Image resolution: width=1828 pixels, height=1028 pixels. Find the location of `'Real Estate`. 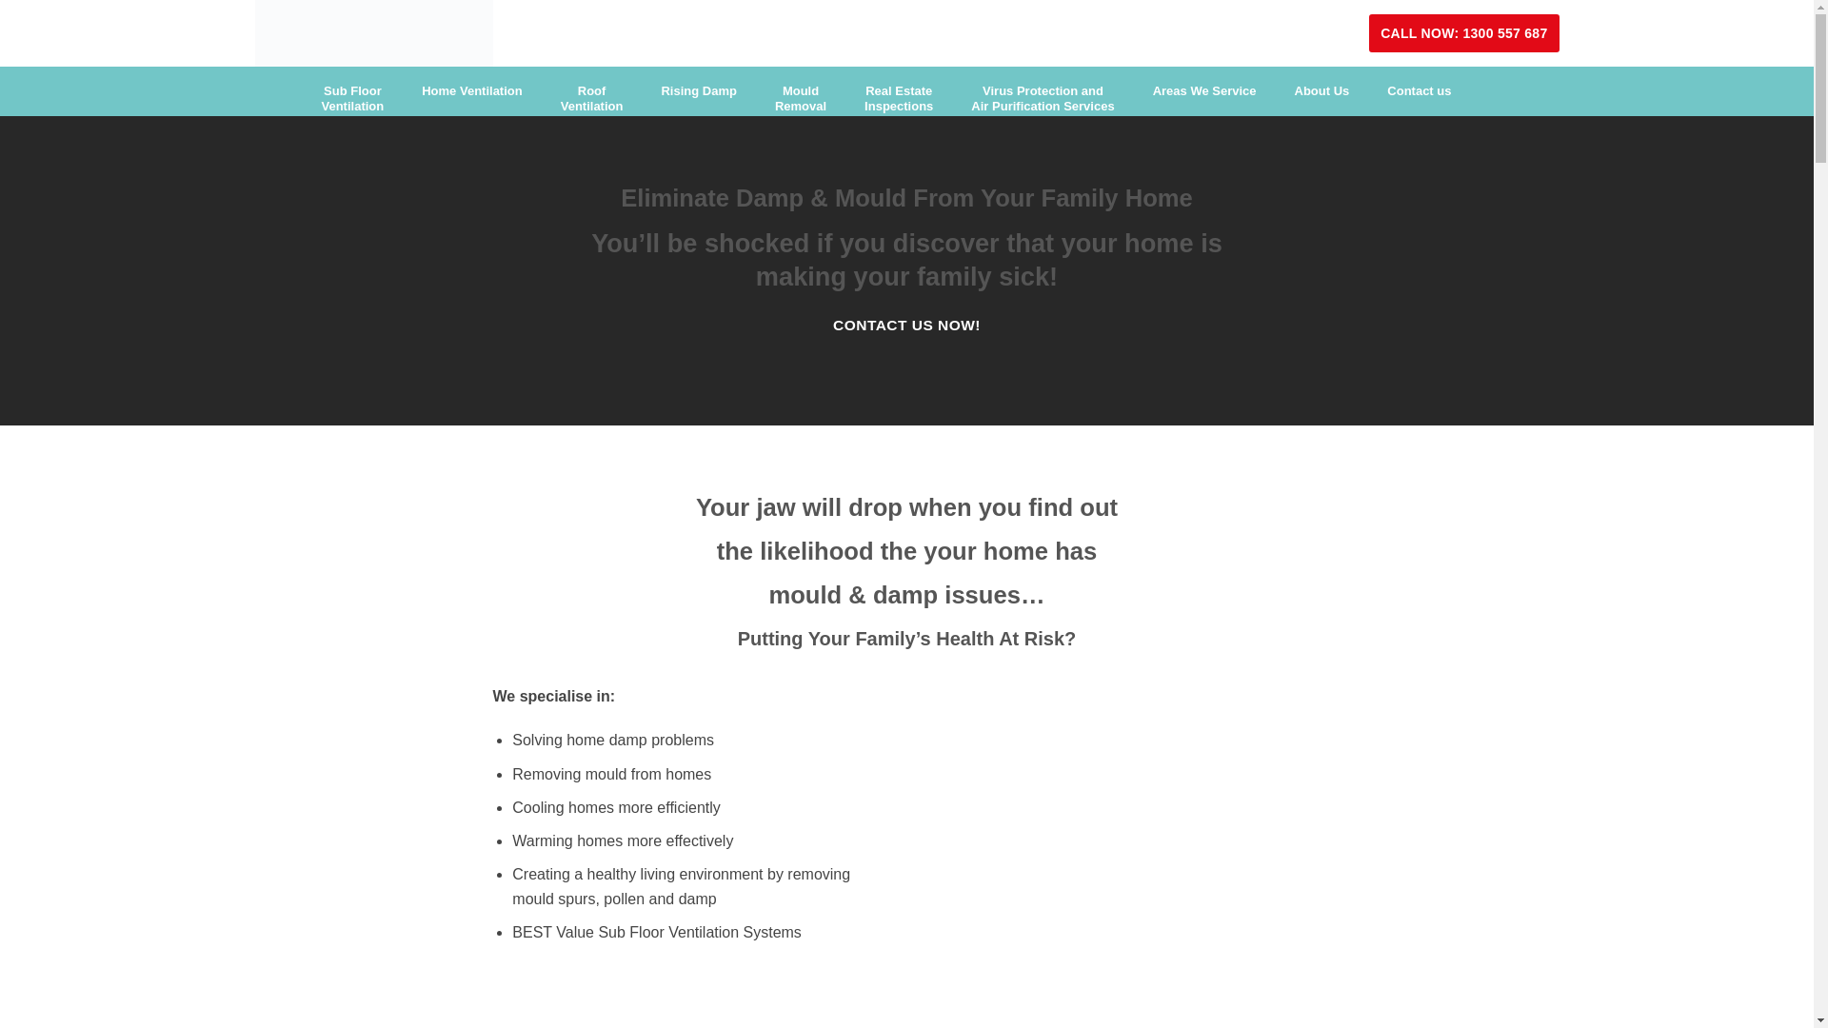

'Real Estate is located at coordinates (898, 99).